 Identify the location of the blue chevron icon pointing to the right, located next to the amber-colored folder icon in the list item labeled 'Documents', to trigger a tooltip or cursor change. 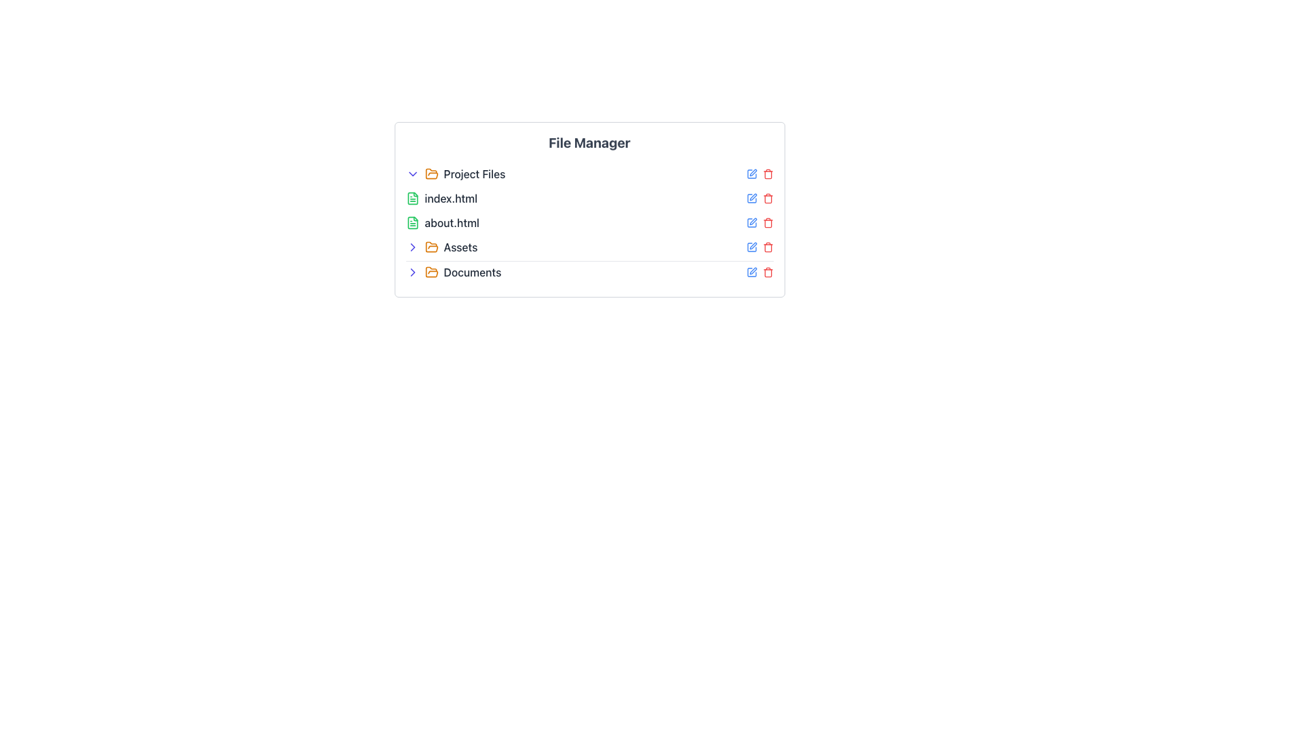
(412, 272).